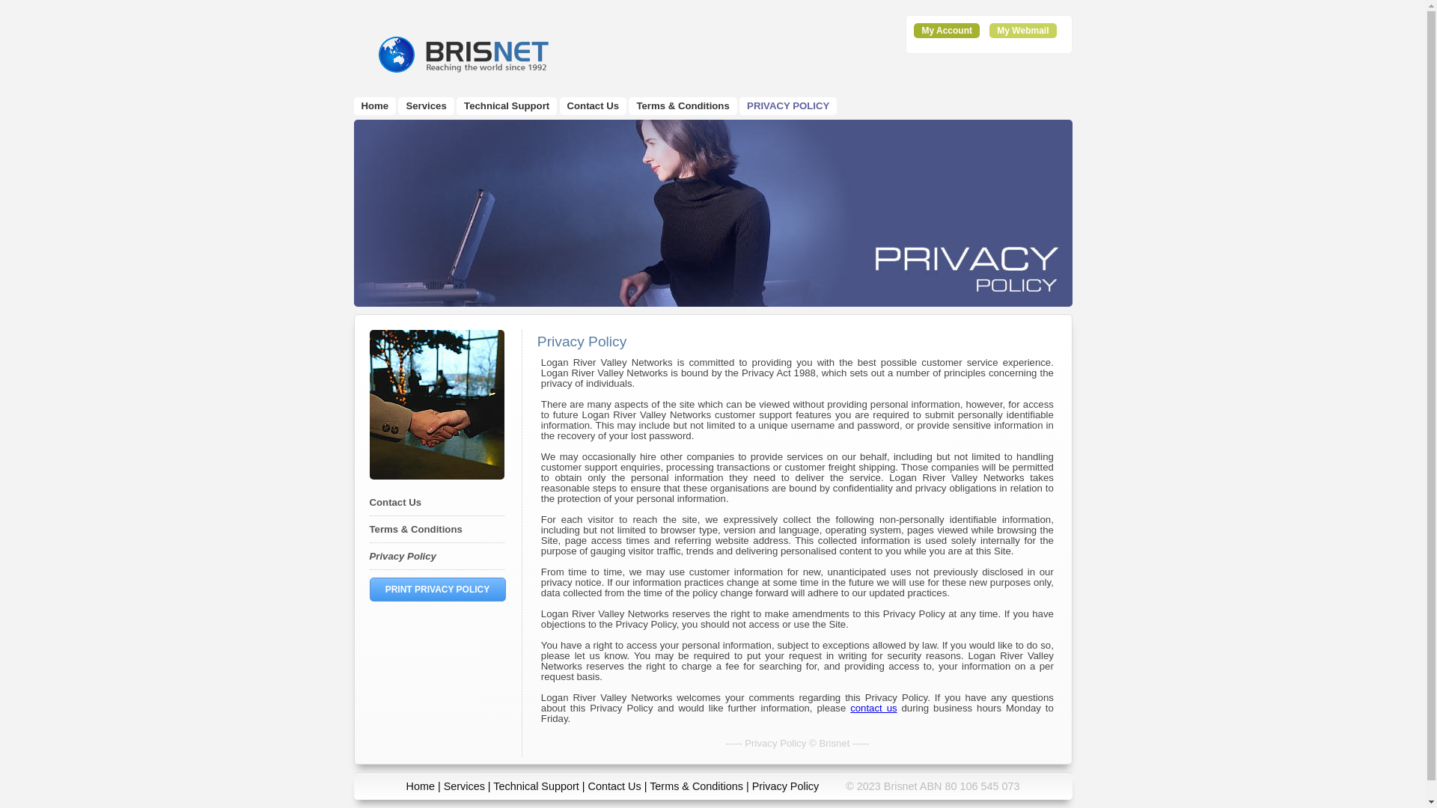 This screenshot has width=1437, height=808. What do you see at coordinates (946, 31) in the screenshot?
I see `'My Account'` at bounding box center [946, 31].